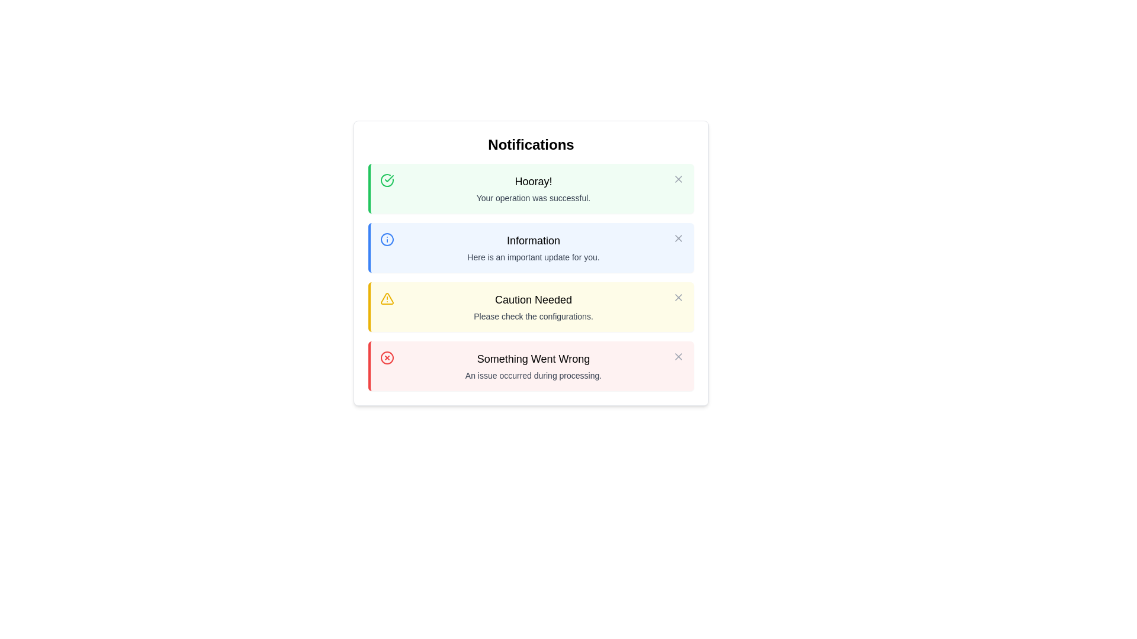  I want to click on informational message displayed in the Text Label located beneath the heading labeled 'Information' and above the 'Caution Needed' section, so click(533, 257).